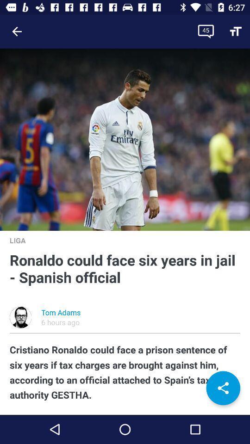 The width and height of the screenshot is (250, 444). Describe the element at coordinates (125, 139) in the screenshot. I see `icon above liga icon` at that location.